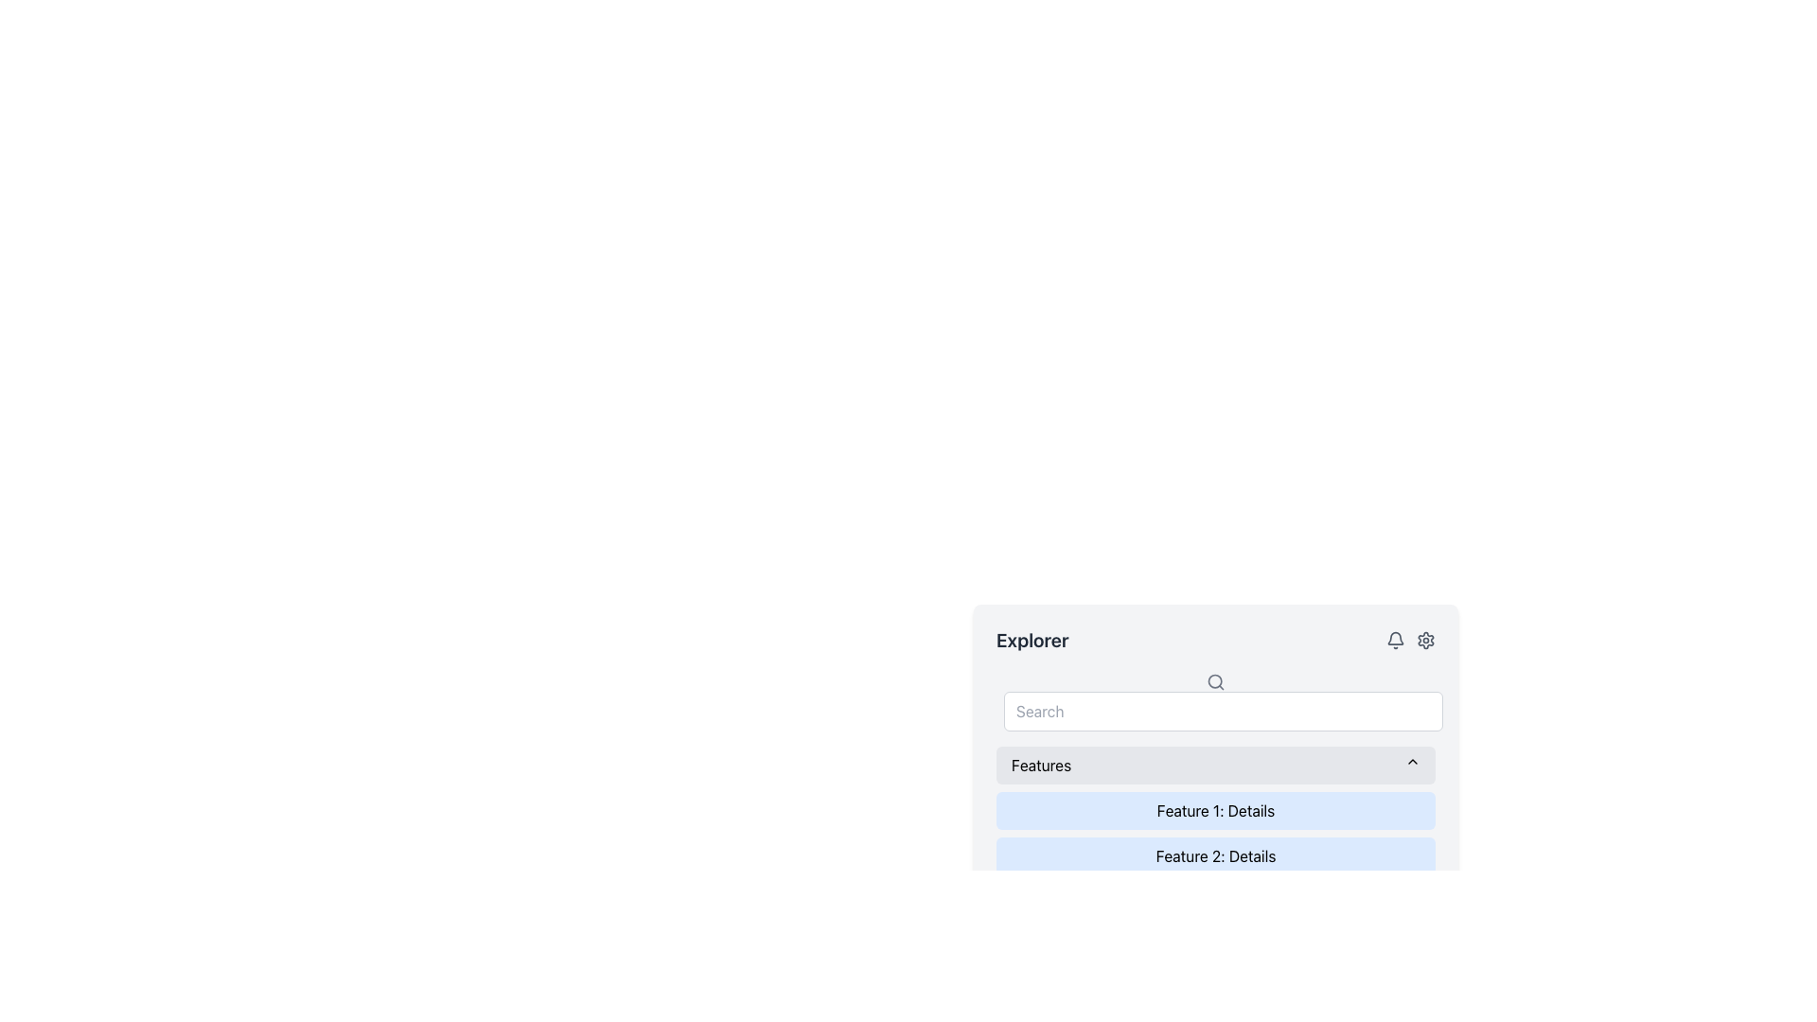 The width and height of the screenshot is (1817, 1022). What do you see at coordinates (1216, 856) in the screenshot?
I see `the 'Feature 2' button, which is the second clickable item under the 'Features' label` at bounding box center [1216, 856].